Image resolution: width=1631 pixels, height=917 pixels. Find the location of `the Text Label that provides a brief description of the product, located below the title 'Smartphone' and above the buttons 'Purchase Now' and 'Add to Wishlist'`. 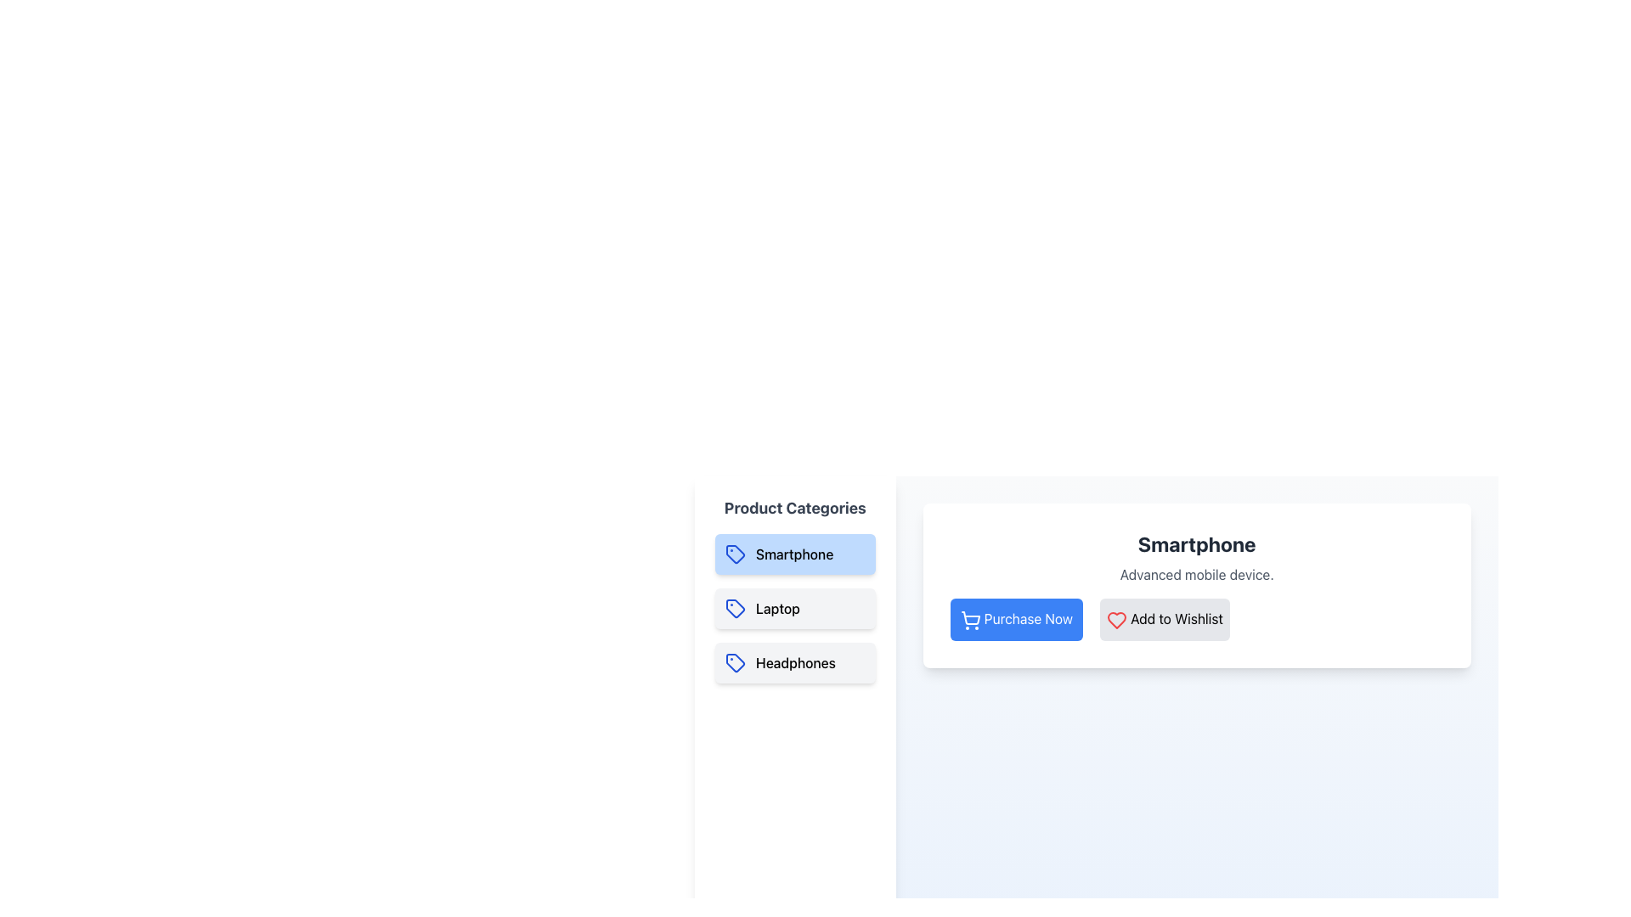

the Text Label that provides a brief description of the product, located below the title 'Smartphone' and above the buttons 'Purchase Now' and 'Add to Wishlist' is located at coordinates (1196, 574).